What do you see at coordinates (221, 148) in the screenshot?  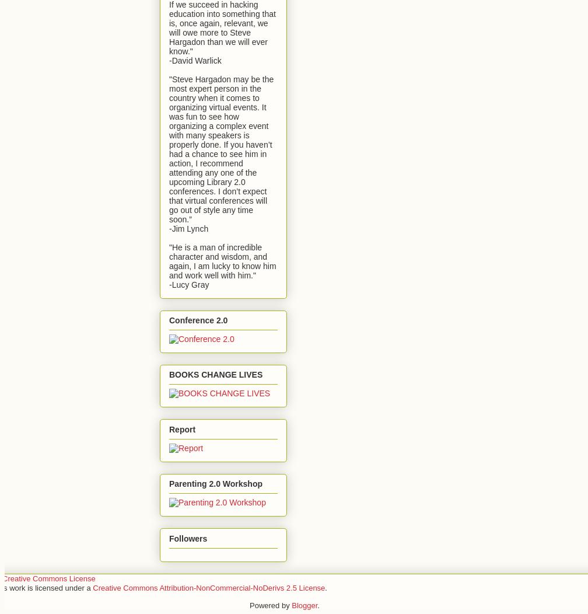 I see `'"Steve Hargadon may be the most expert person in the country when it comes to organizing virtual events. It was fun to see how organizing a complex event with many speakers is properly done. If you haven’t had a chance to see him in action, I recommend attending any one of the upcoming Library 2.0 conferences. I don’t expect that virtual conferences will go out of style any time soon.”'` at bounding box center [221, 148].